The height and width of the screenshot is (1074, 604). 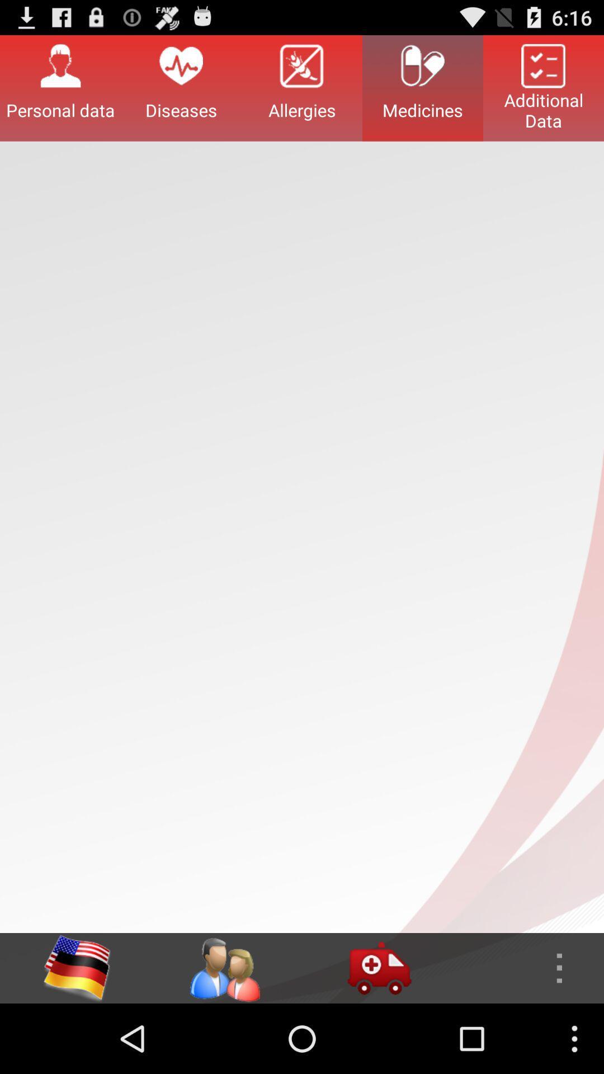 I want to click on the more icon, so click(x=526, y=1035).